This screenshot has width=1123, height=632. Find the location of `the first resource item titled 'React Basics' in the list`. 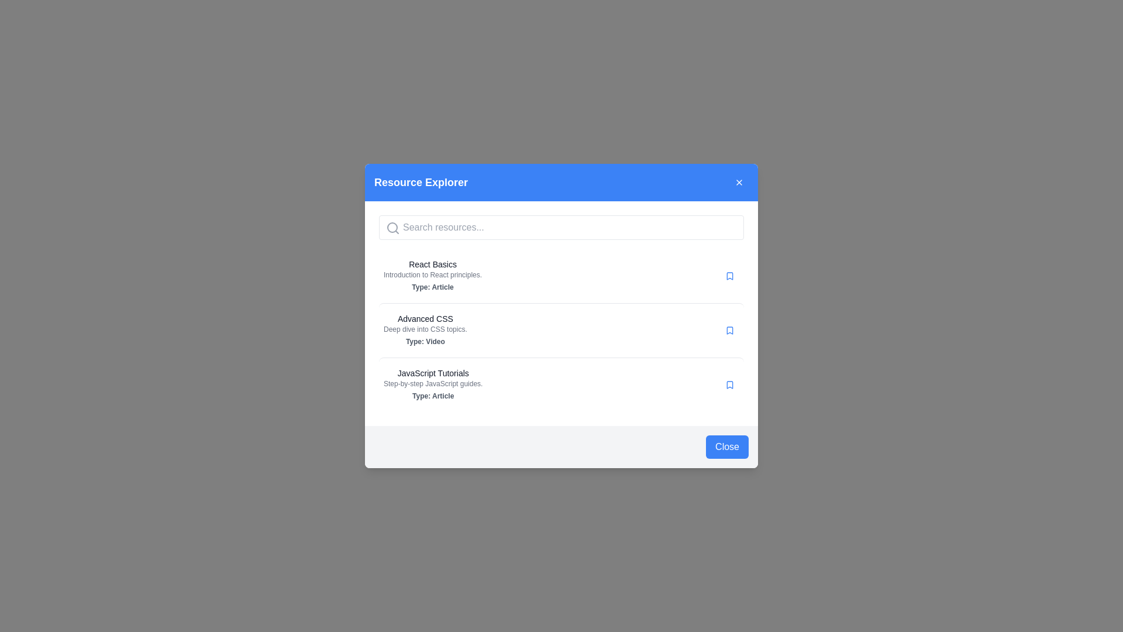

the first resource item titled 'React Basics' in the list is located at coordinates (561, 276).